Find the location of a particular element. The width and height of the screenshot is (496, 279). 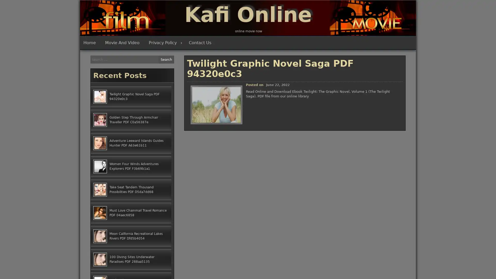

Search is located at coordinates (166, 59).